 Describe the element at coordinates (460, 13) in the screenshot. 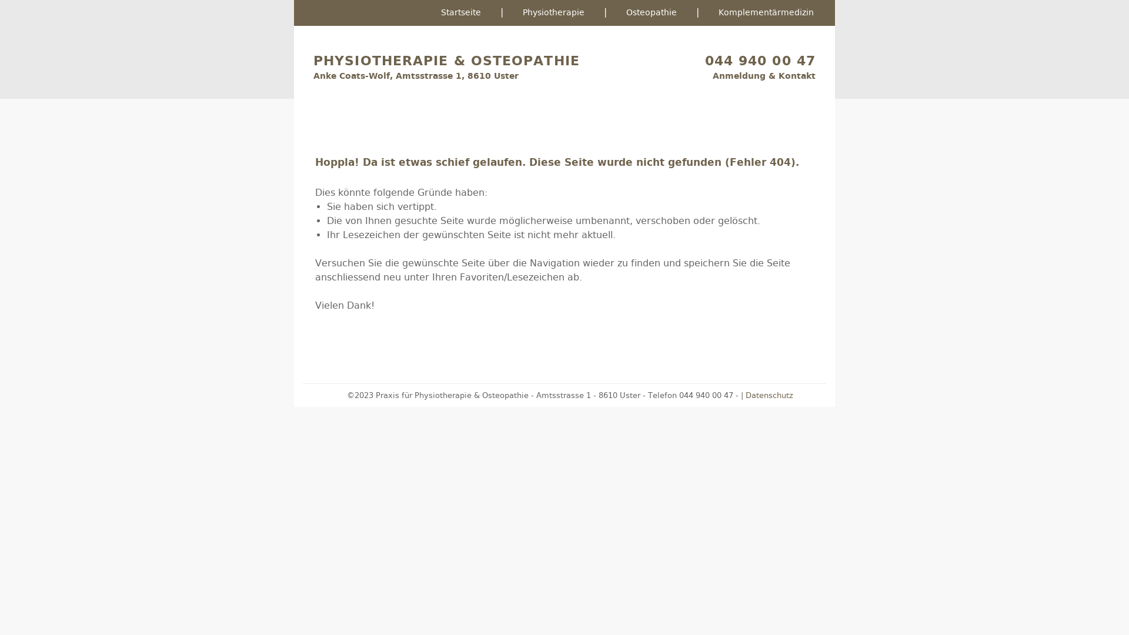

I see `'Startseite'` at that location.